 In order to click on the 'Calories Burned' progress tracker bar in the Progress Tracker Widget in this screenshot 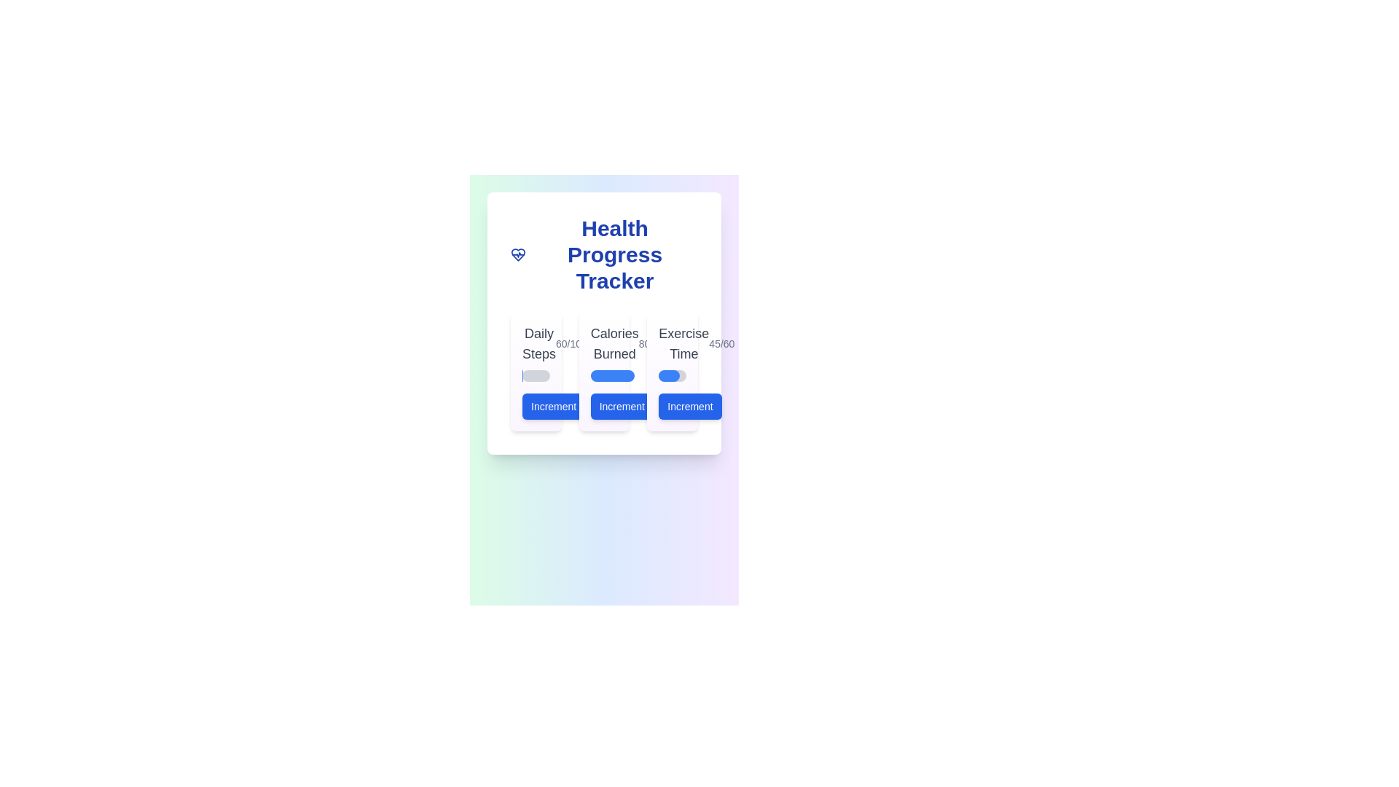, I will do `click(604, 370)`.